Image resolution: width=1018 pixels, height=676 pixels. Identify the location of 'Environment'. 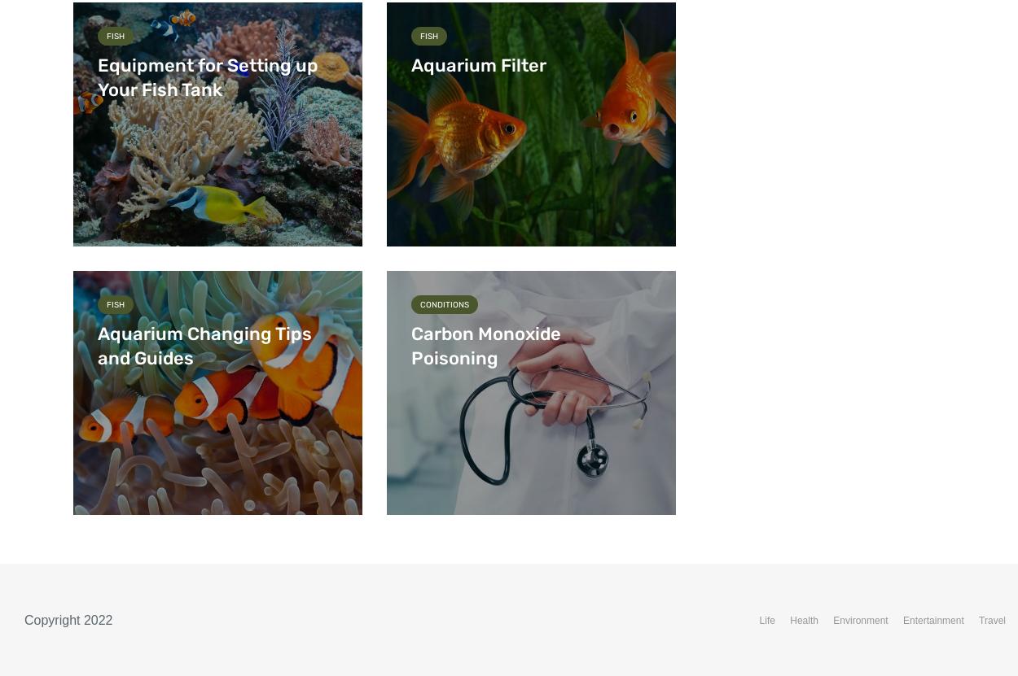
(860, 621).